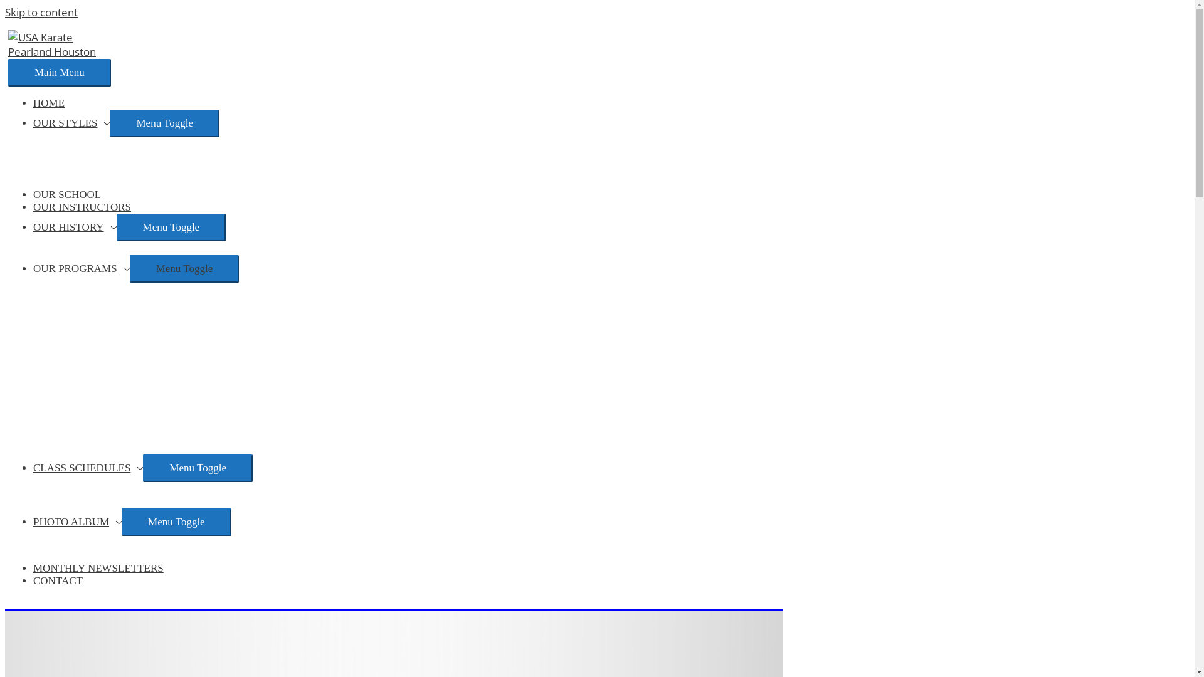 The height and width of the screenshot is (677, 1204). Describe the element at coordinates (71, 123) in the screenshot. I see `'OUR STYLES'` at that location.